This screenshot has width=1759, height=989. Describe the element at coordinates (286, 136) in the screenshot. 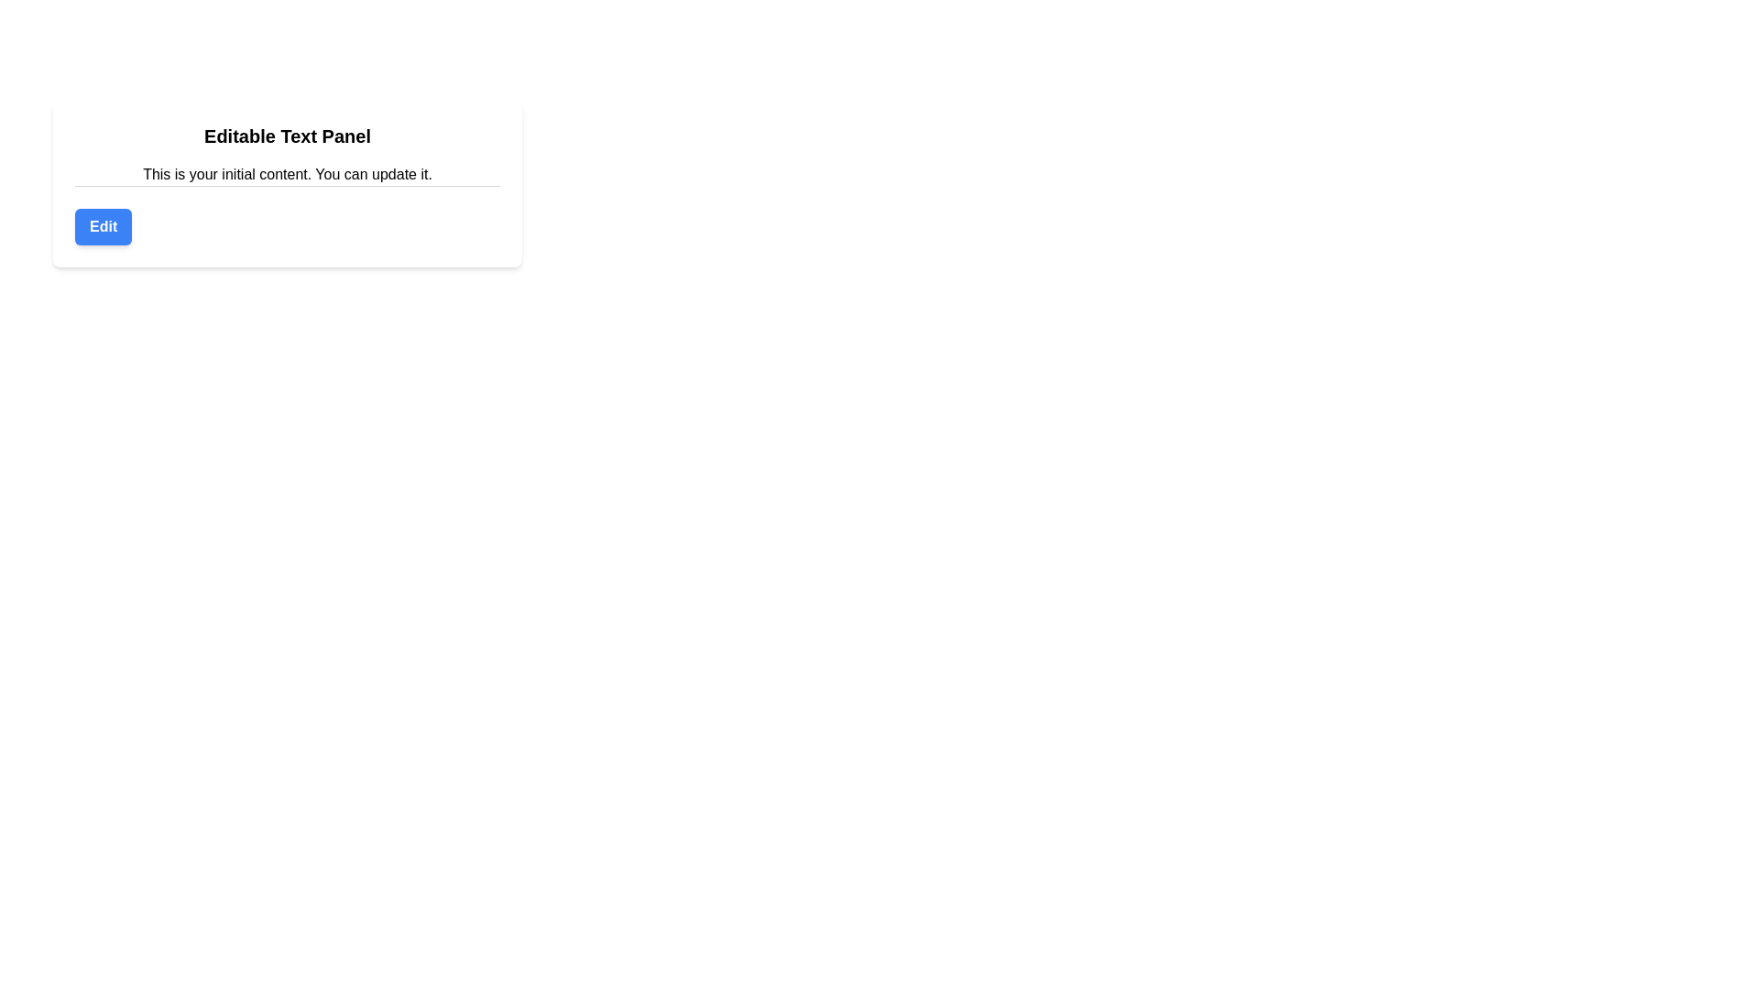

I see `the text label that serves as a title or heading for the associated panel, which indicates the panel's purpose with the text 'This is your initial content. You can update it.'` at that location.